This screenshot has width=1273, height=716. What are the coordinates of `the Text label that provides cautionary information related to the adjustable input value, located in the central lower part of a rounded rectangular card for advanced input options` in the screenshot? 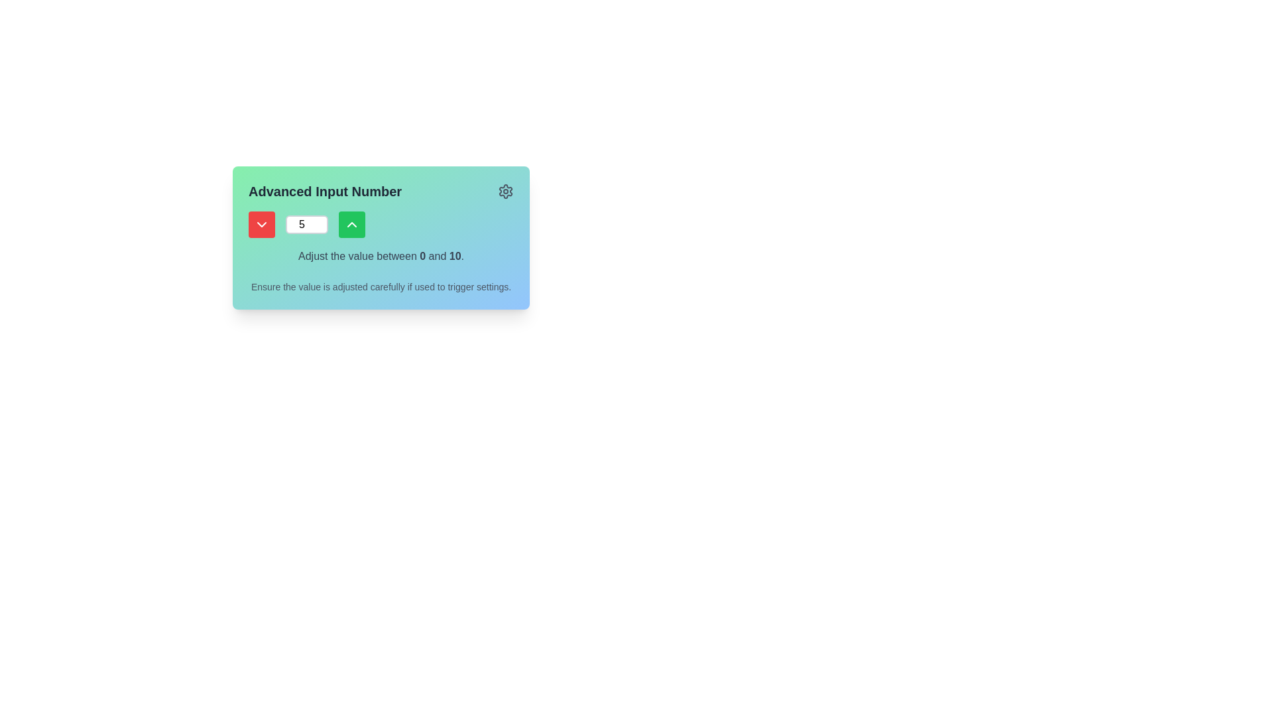 It's located at (381, 286).